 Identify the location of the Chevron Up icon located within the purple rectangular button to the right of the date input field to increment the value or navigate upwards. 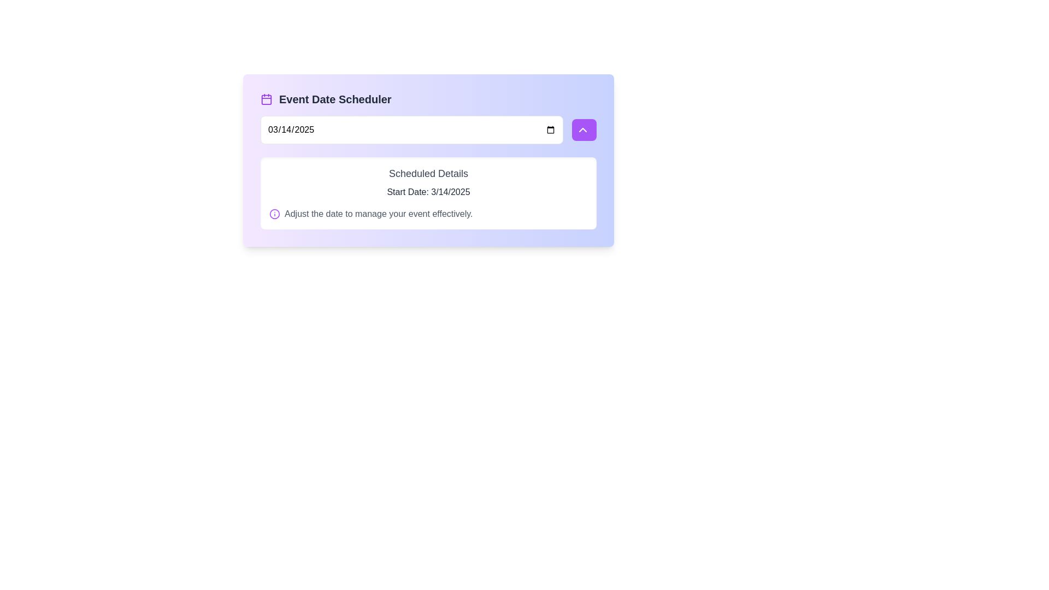
(582, 129).